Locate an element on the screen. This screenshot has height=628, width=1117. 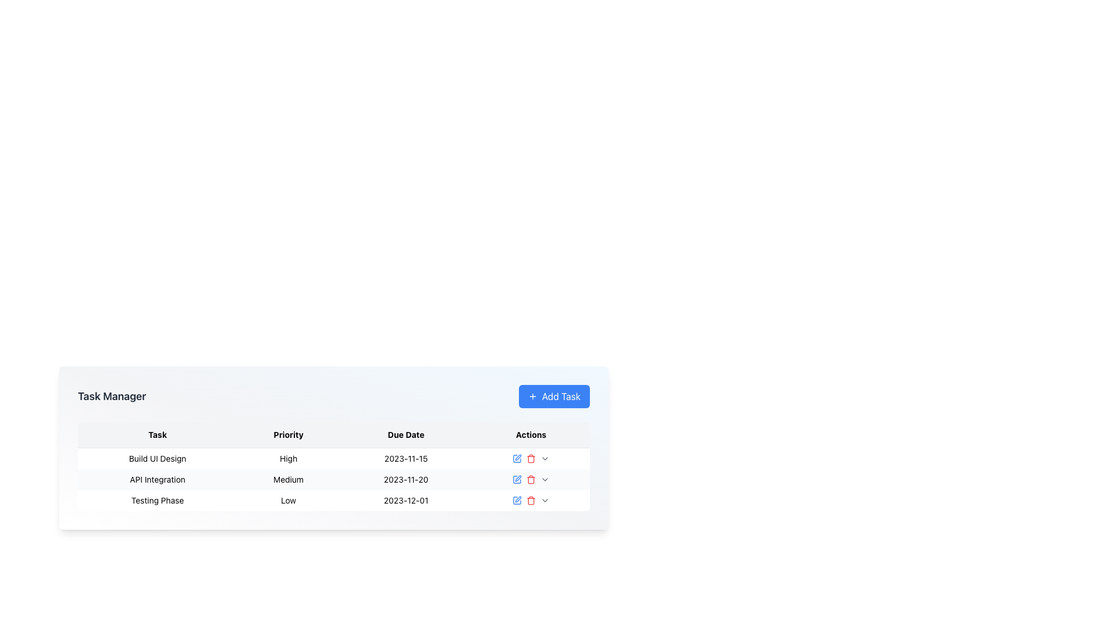
the text field displaying the date '2023-11-15' located in the third column ('Due Date') of the first row ('Build UI Design') within the Task Manager interface is located at coordinates (406, 458).